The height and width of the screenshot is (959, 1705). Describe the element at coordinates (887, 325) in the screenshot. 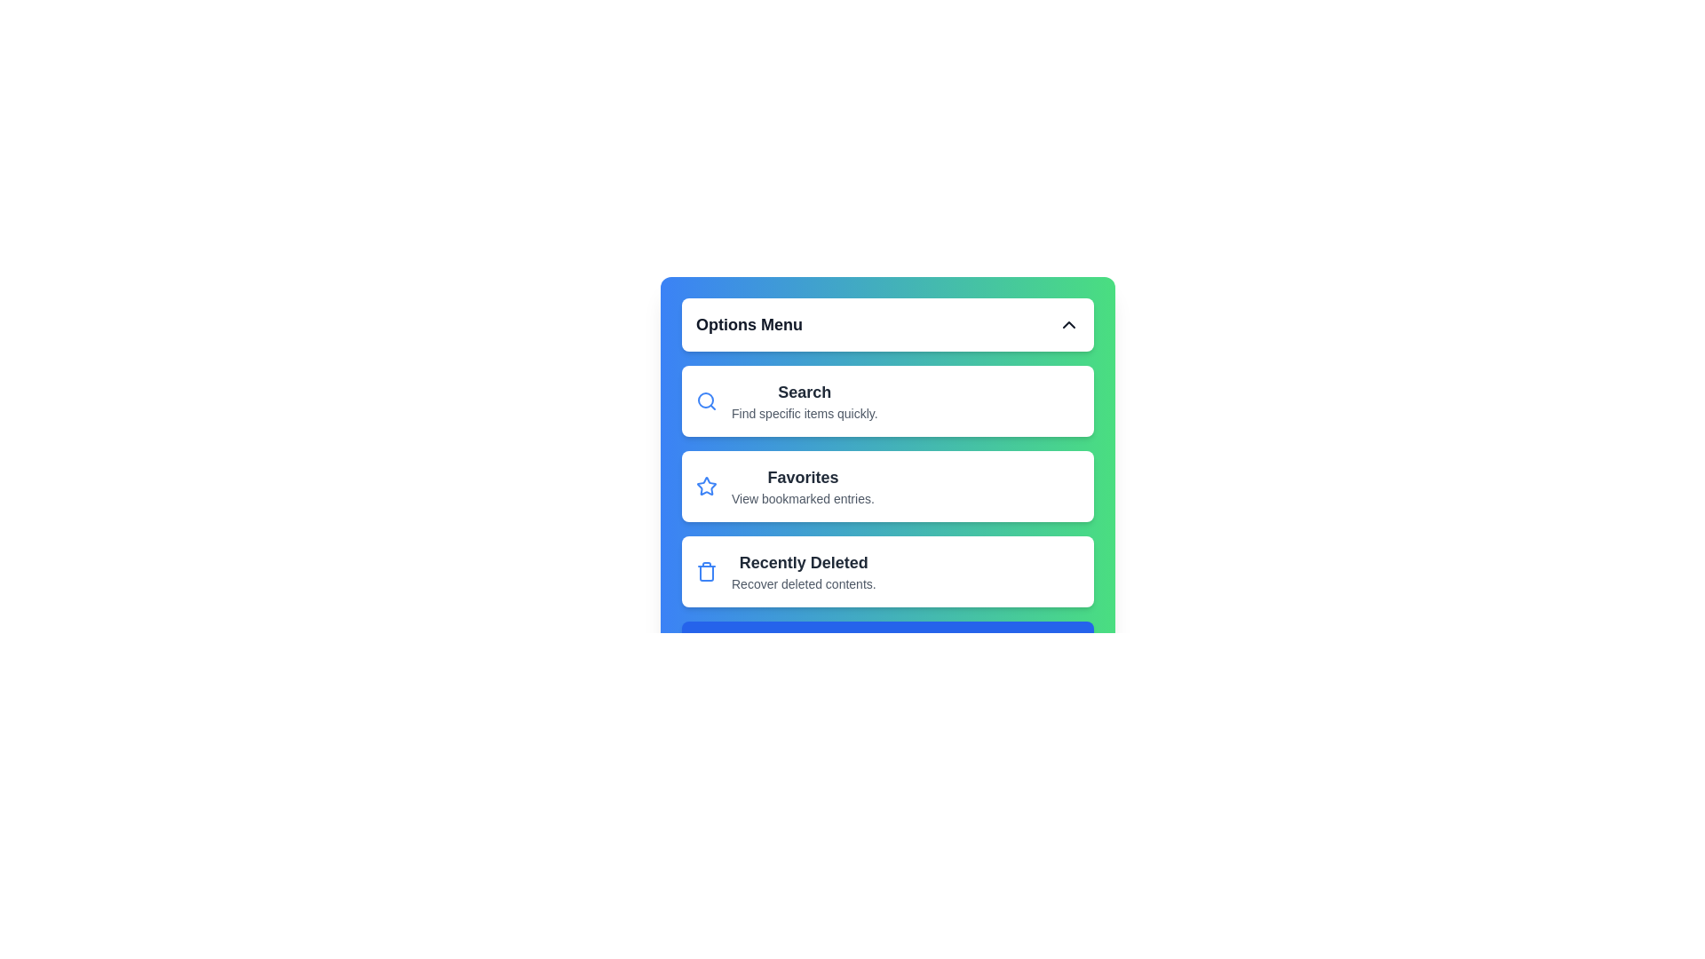

I see `the Dropdown Header or Toggle Button that expands or collapses the menu contents for accessibility interactions` at that location.